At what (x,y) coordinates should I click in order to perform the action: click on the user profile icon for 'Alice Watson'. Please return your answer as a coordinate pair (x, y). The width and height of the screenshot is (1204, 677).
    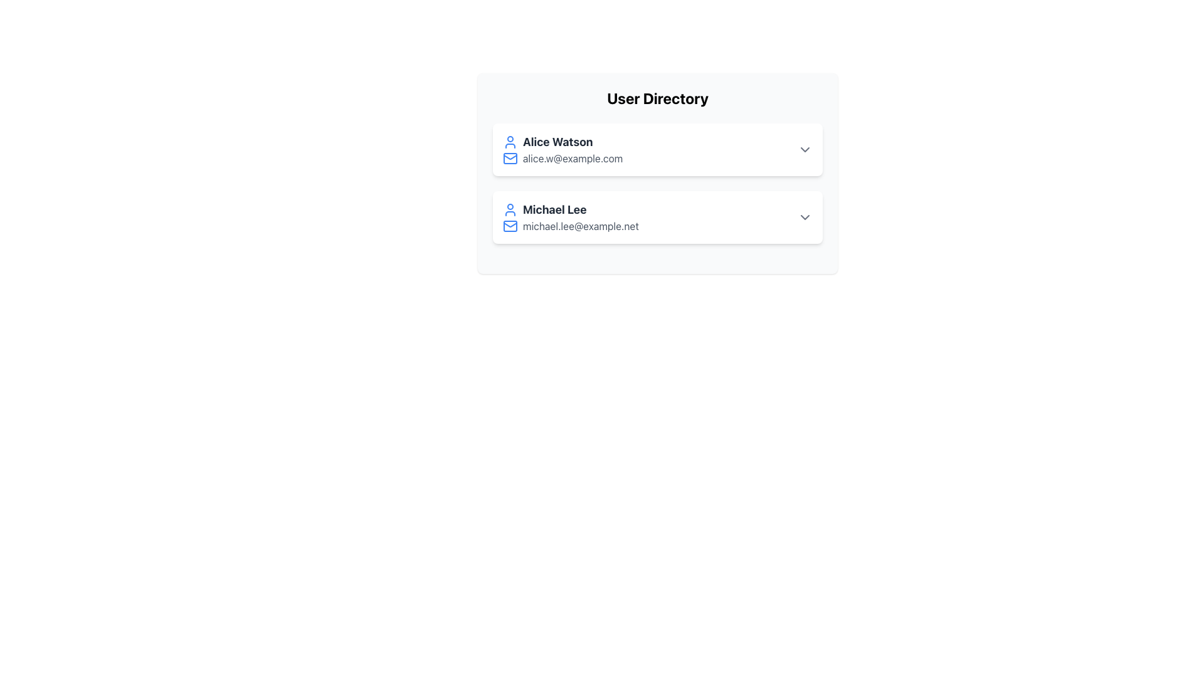
    Looking at the image, I should click on (510, 142).